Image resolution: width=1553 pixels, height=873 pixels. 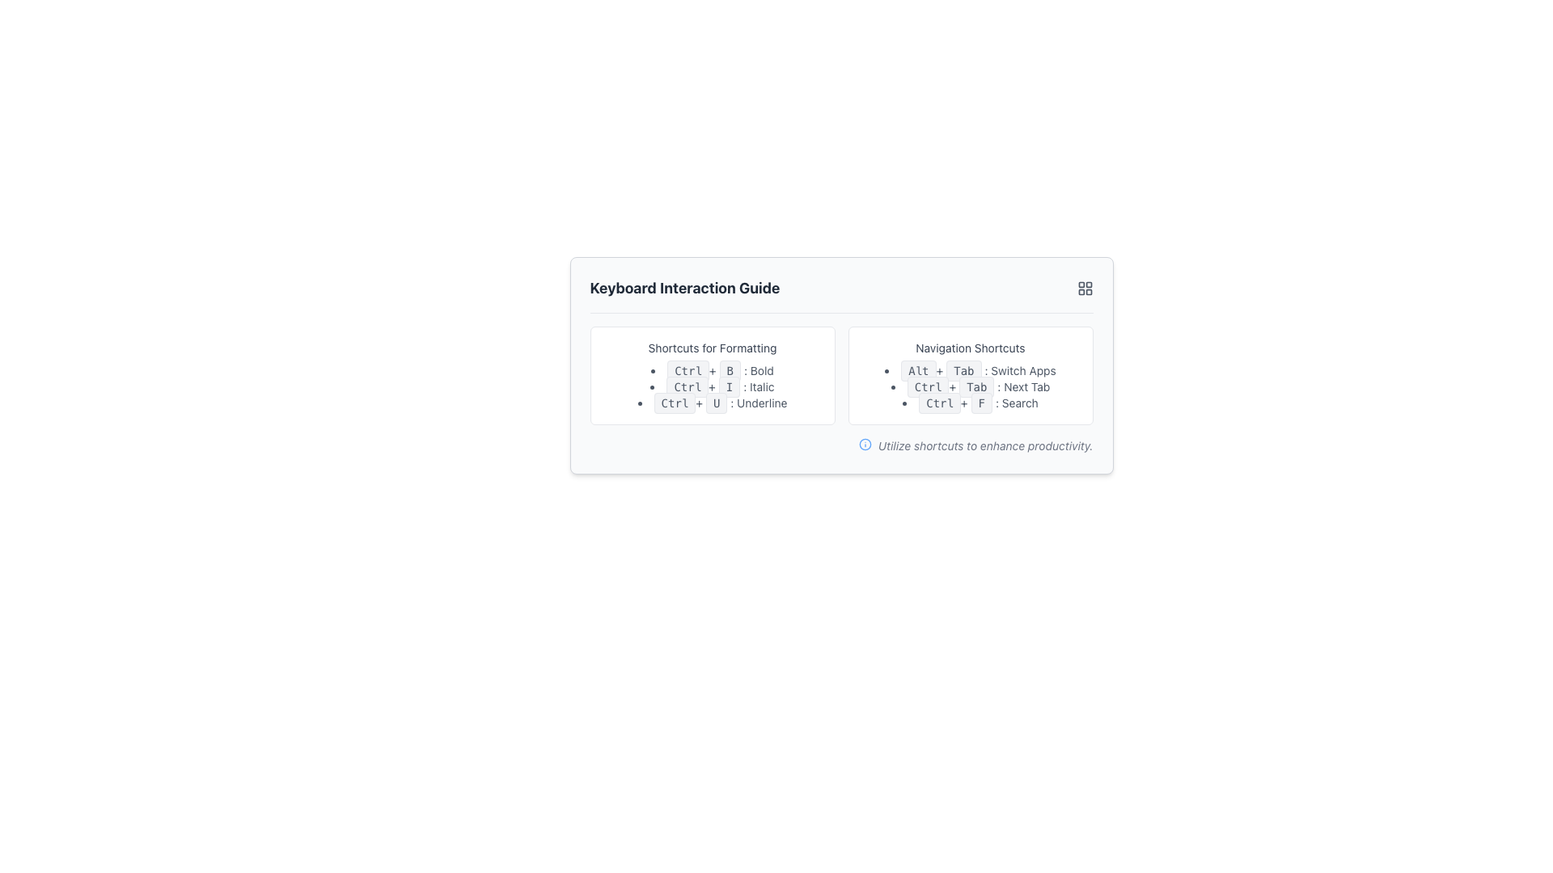 What do you see at coordinates (971, 386) in the screenshot?
I see `the static text element that provides instructional guidance for using the 'Ctrl+Tab' keyboard shortcut, which is positioned between 'Alt+Tab: Switch Apps' and 'Ctrl+F: Search' in the 'Navigation Shortcuts' panel` at bounding box center [971, 386].